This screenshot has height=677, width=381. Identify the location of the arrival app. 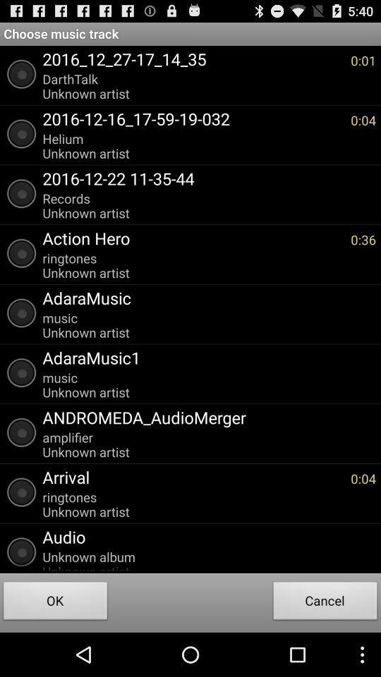
(192, 477).